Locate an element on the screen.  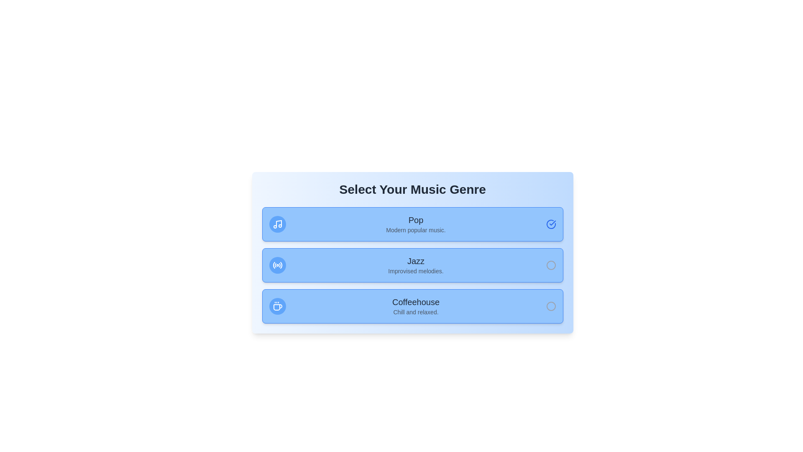
the 'Jazz' music genre button located in the second row of options, positioned at the leftmost part before the text 'Jazz' and 'Improvised melodies' is located at coordinates (277, 265).